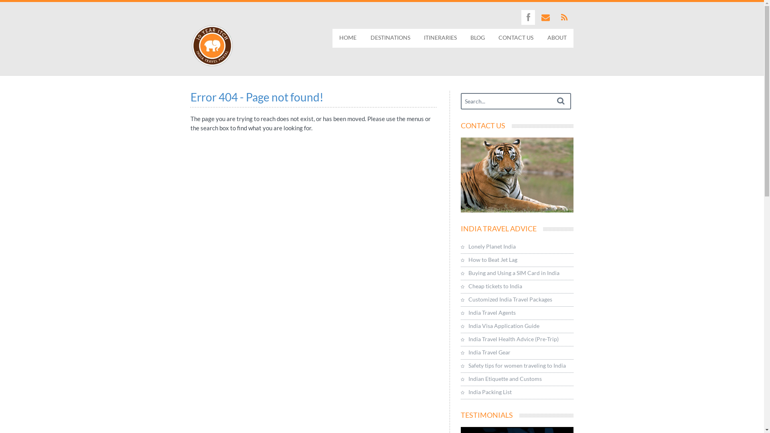 Image resolution: width=770 pixels, height=433 pixels. I want to click on 'India Travel Agents', so click(517, 313).